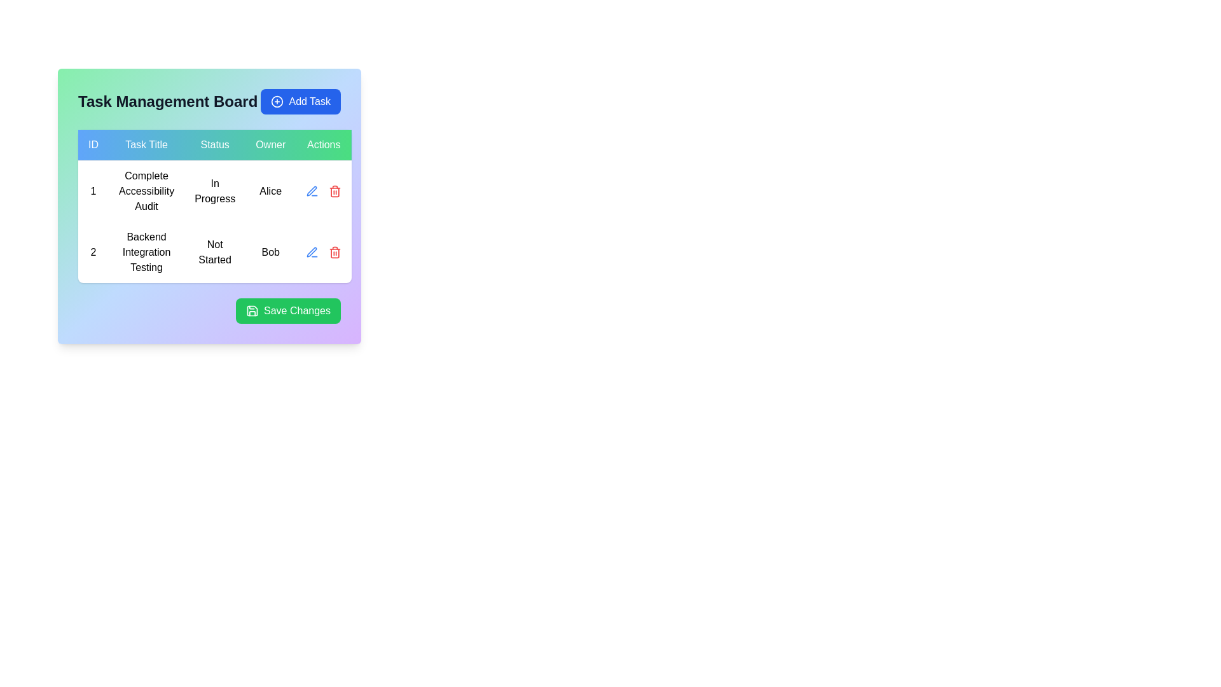 The width and height of the screenshot is (1221, 687). What do you see at coordinates (270, 144) in the screenshot?
I see `the header label 'Owner' in the table, which is the fourth header indicating the column for task owners, positioned between 'Status' and 'Actions'` at bounding box center [270, 144].